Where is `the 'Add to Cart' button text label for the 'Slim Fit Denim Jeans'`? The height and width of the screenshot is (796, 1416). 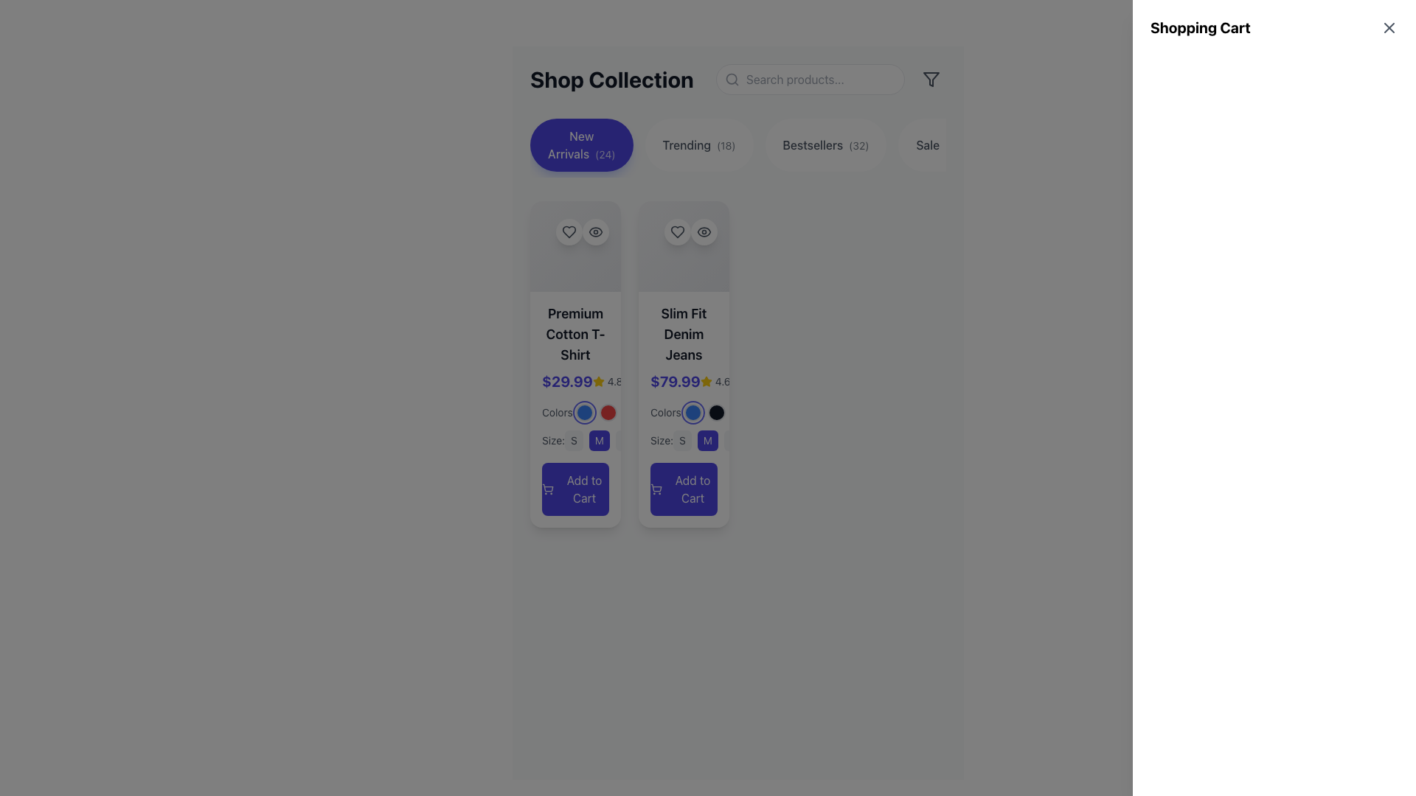 the 'Add to Cart' button text label for the 'Slim Fit Denim Jeans' is located at coordinates (692, 489).